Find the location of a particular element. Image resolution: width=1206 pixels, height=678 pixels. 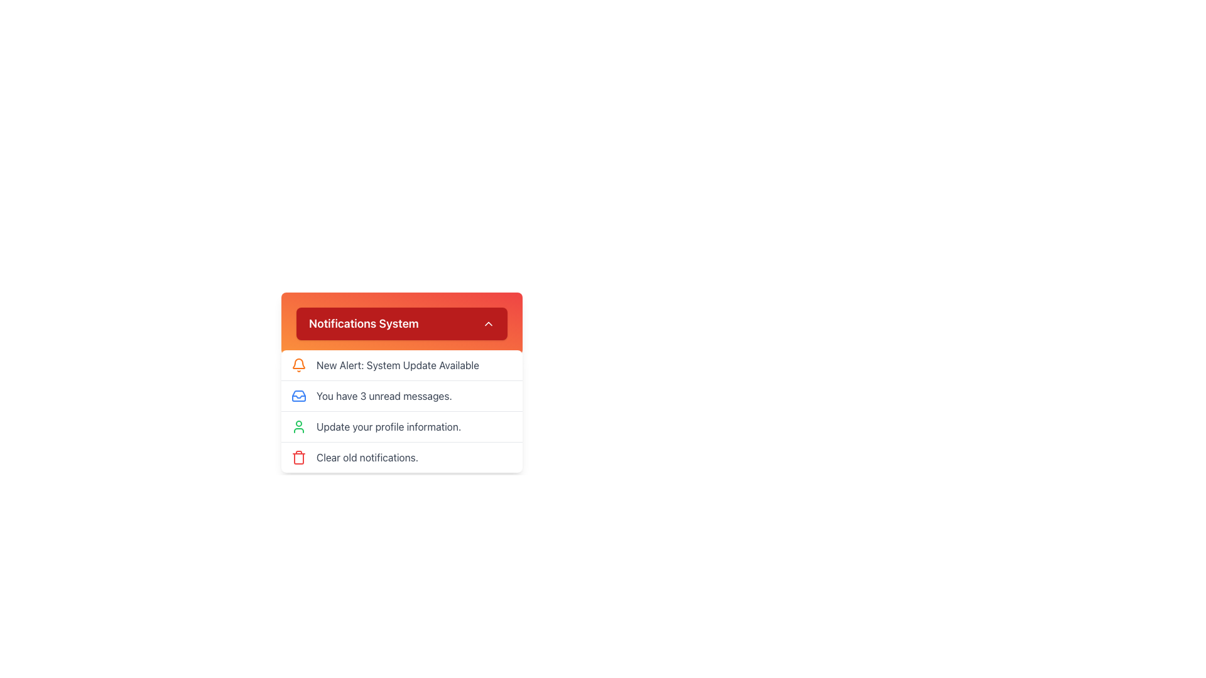

the notification alert icon located on the leftmost side of the first notification item under the 'Notifications System' section is located at coordinates (298, 365).